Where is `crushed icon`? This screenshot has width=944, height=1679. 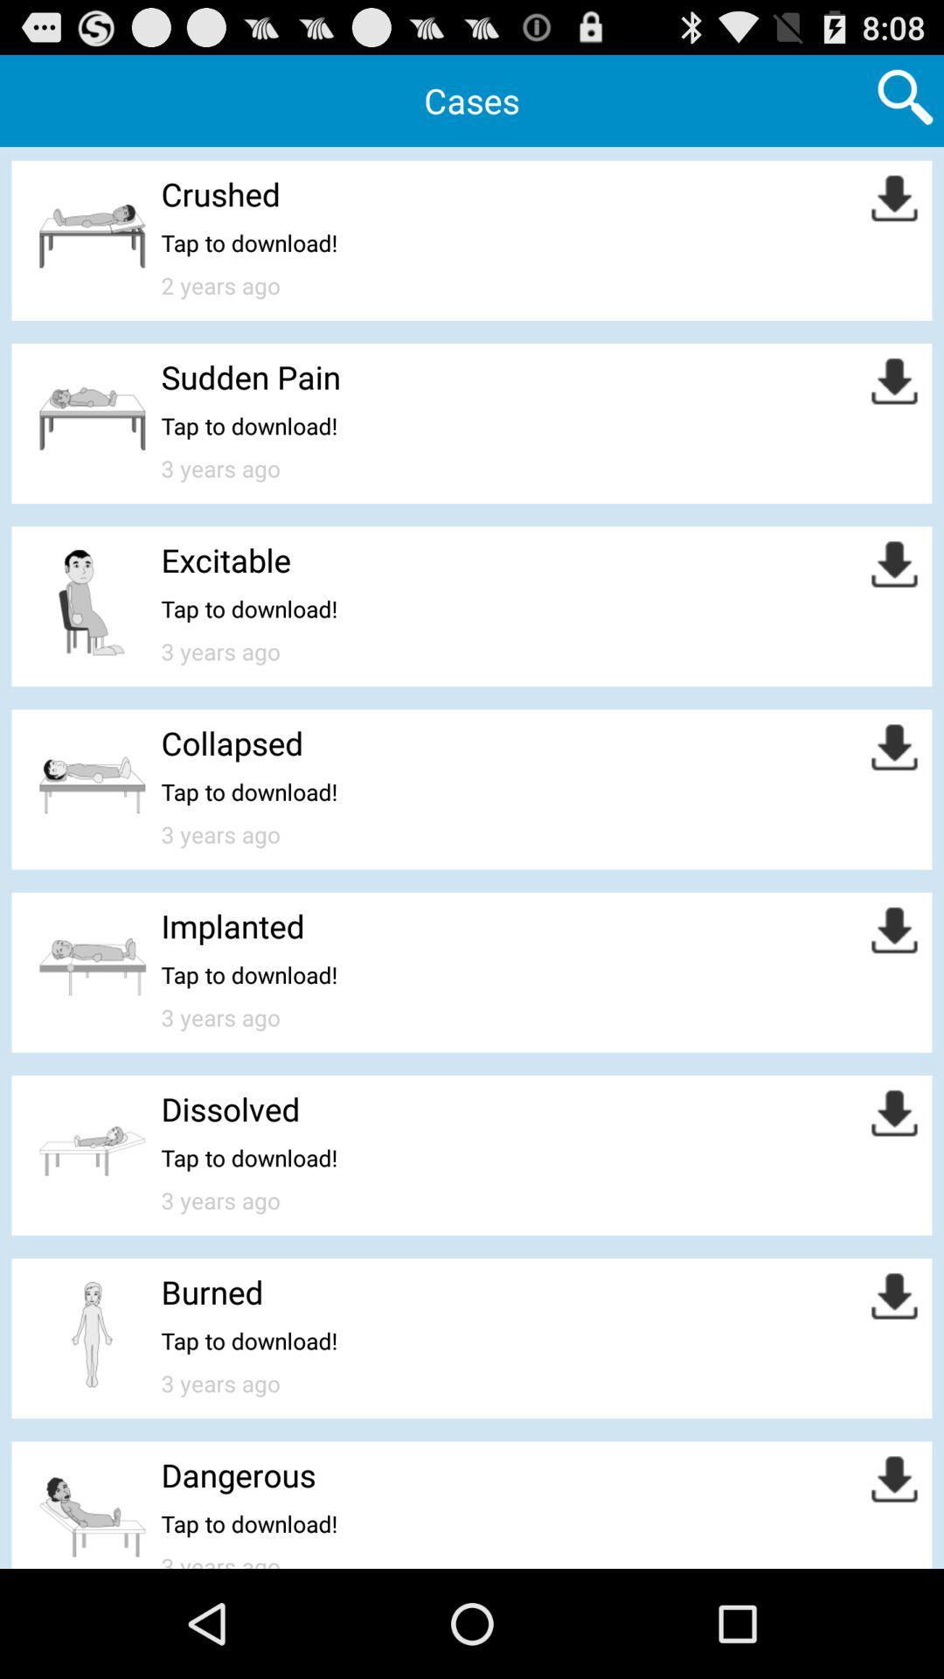
crushed icon is located at coordinates (219, 193).